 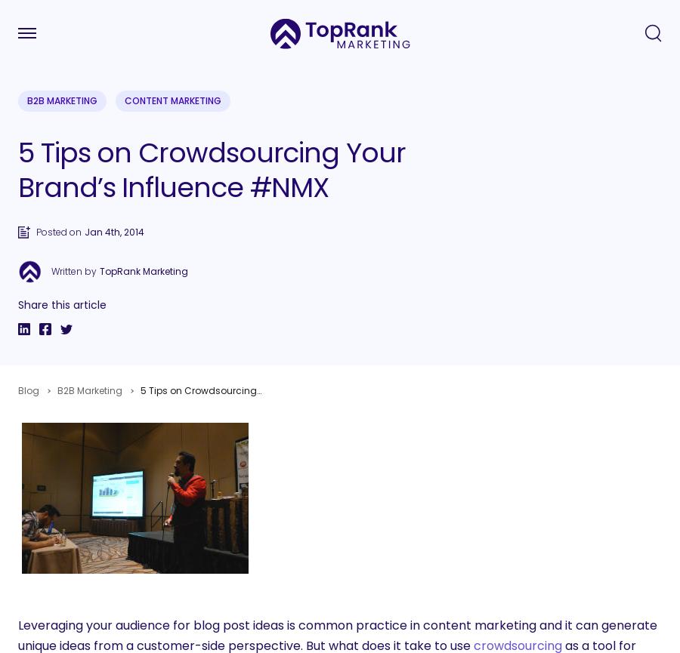 I want to click on 'Content Marketing', so click(x=124, y=100).